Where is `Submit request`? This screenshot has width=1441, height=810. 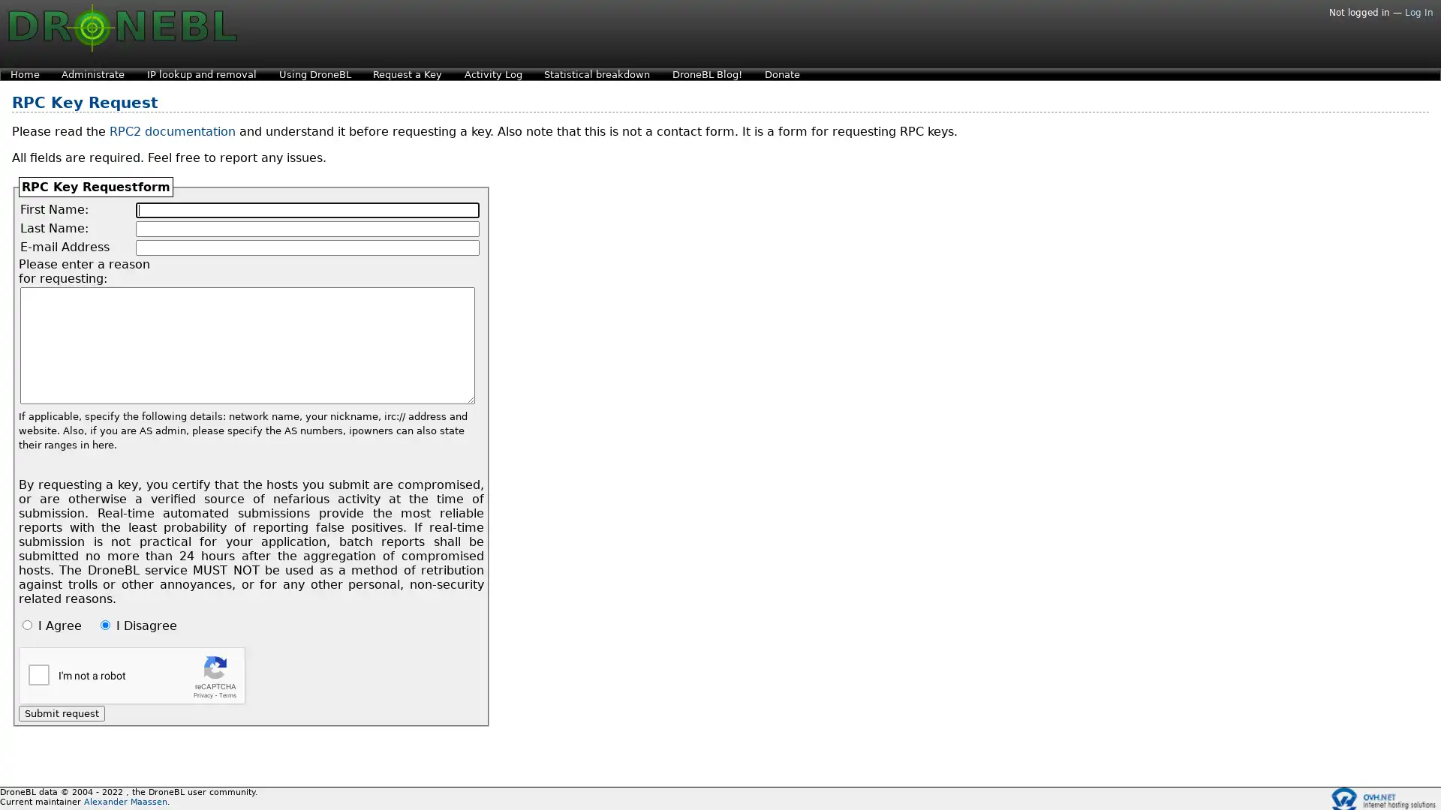 Submit request is located at coordinates (61, 712).